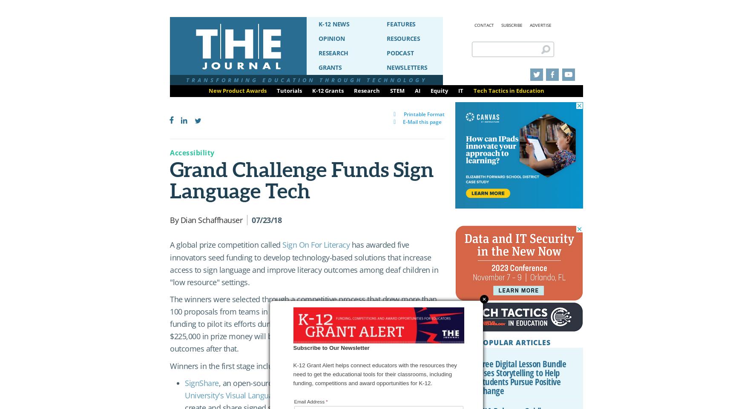 The height and width of the screenshot is (409, 753). Describe the element at coordinates (328, 90) in the screenshot. I see `'K-12 Grants'` at that location.